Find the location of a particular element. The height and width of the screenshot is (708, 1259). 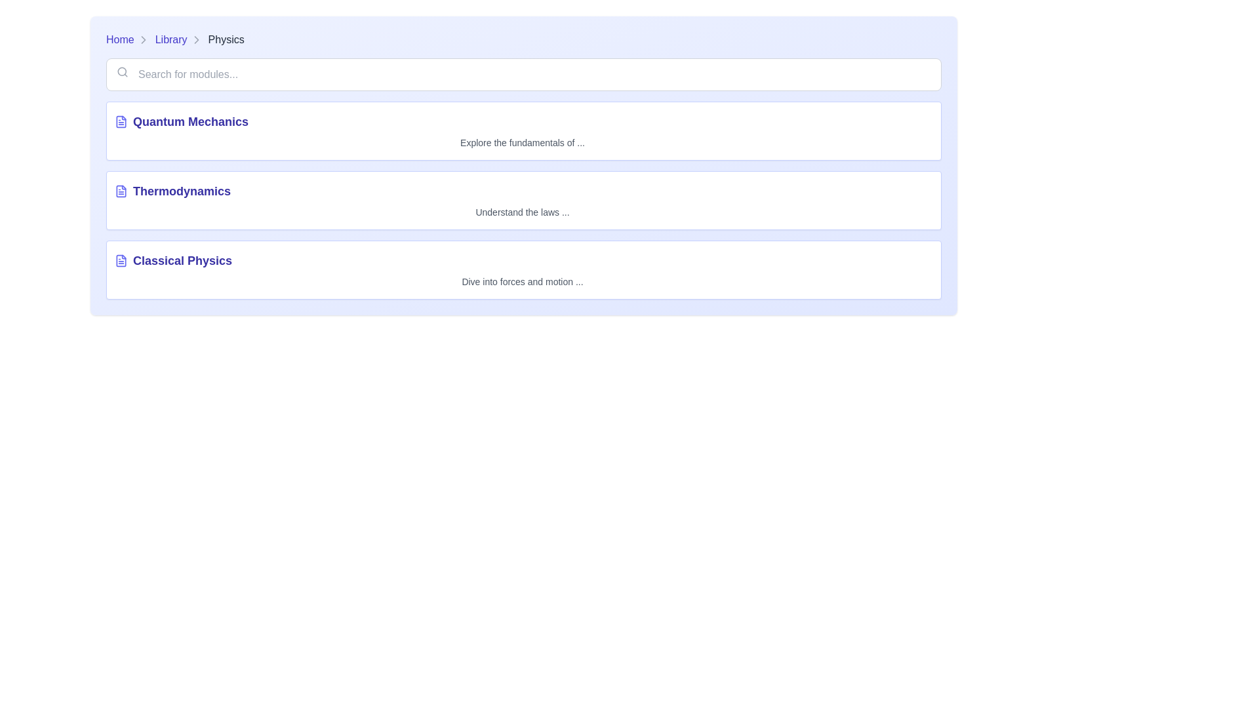

the indigo file icon located is located at coordinates (121, 191).